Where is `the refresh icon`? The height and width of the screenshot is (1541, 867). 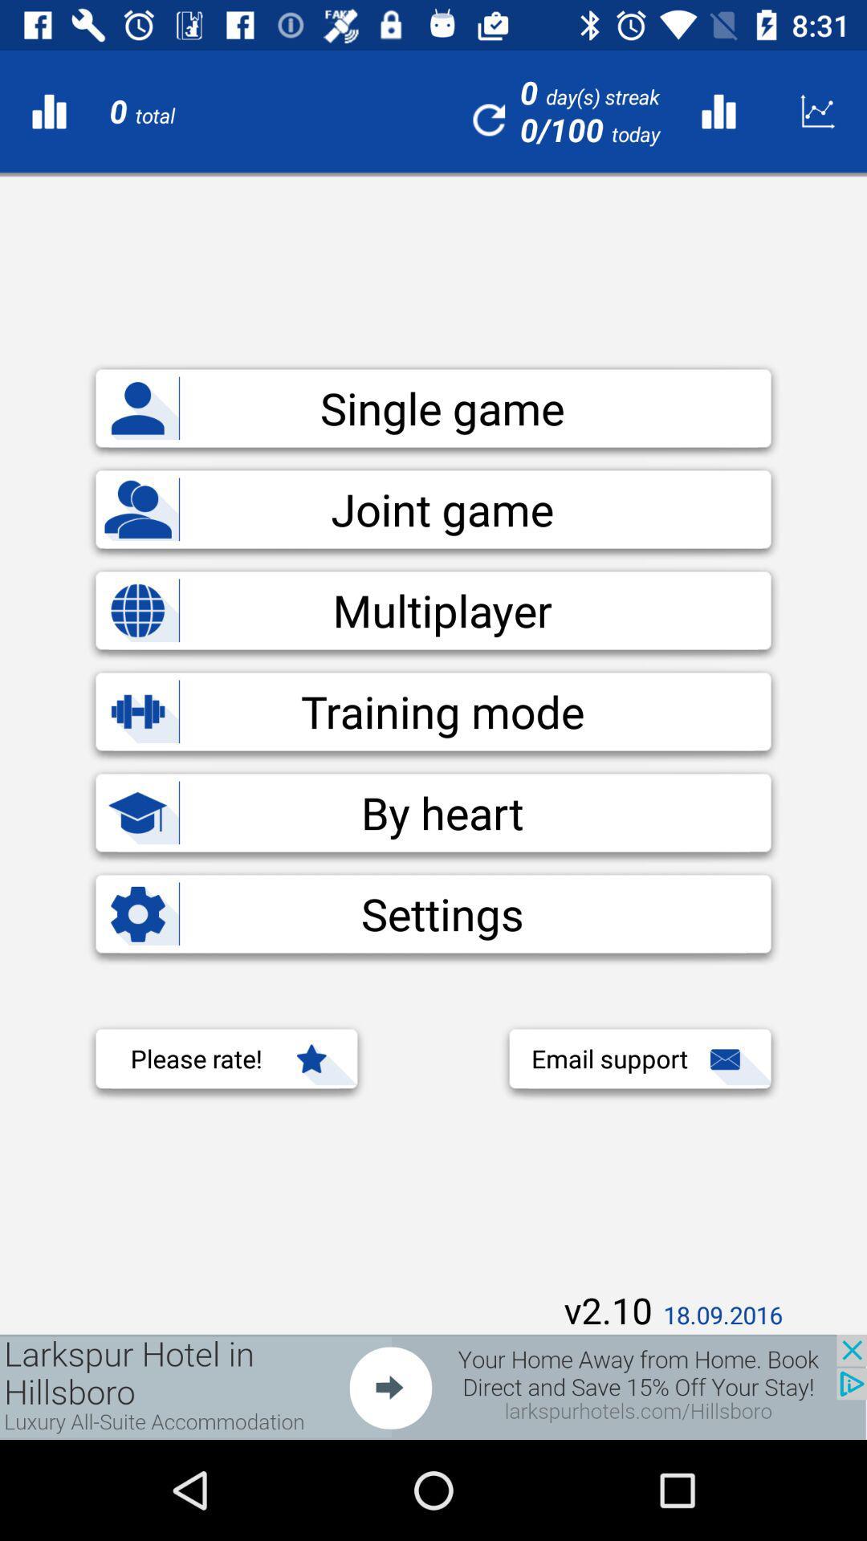 the refresh icon is located at coordinates (488, 119).